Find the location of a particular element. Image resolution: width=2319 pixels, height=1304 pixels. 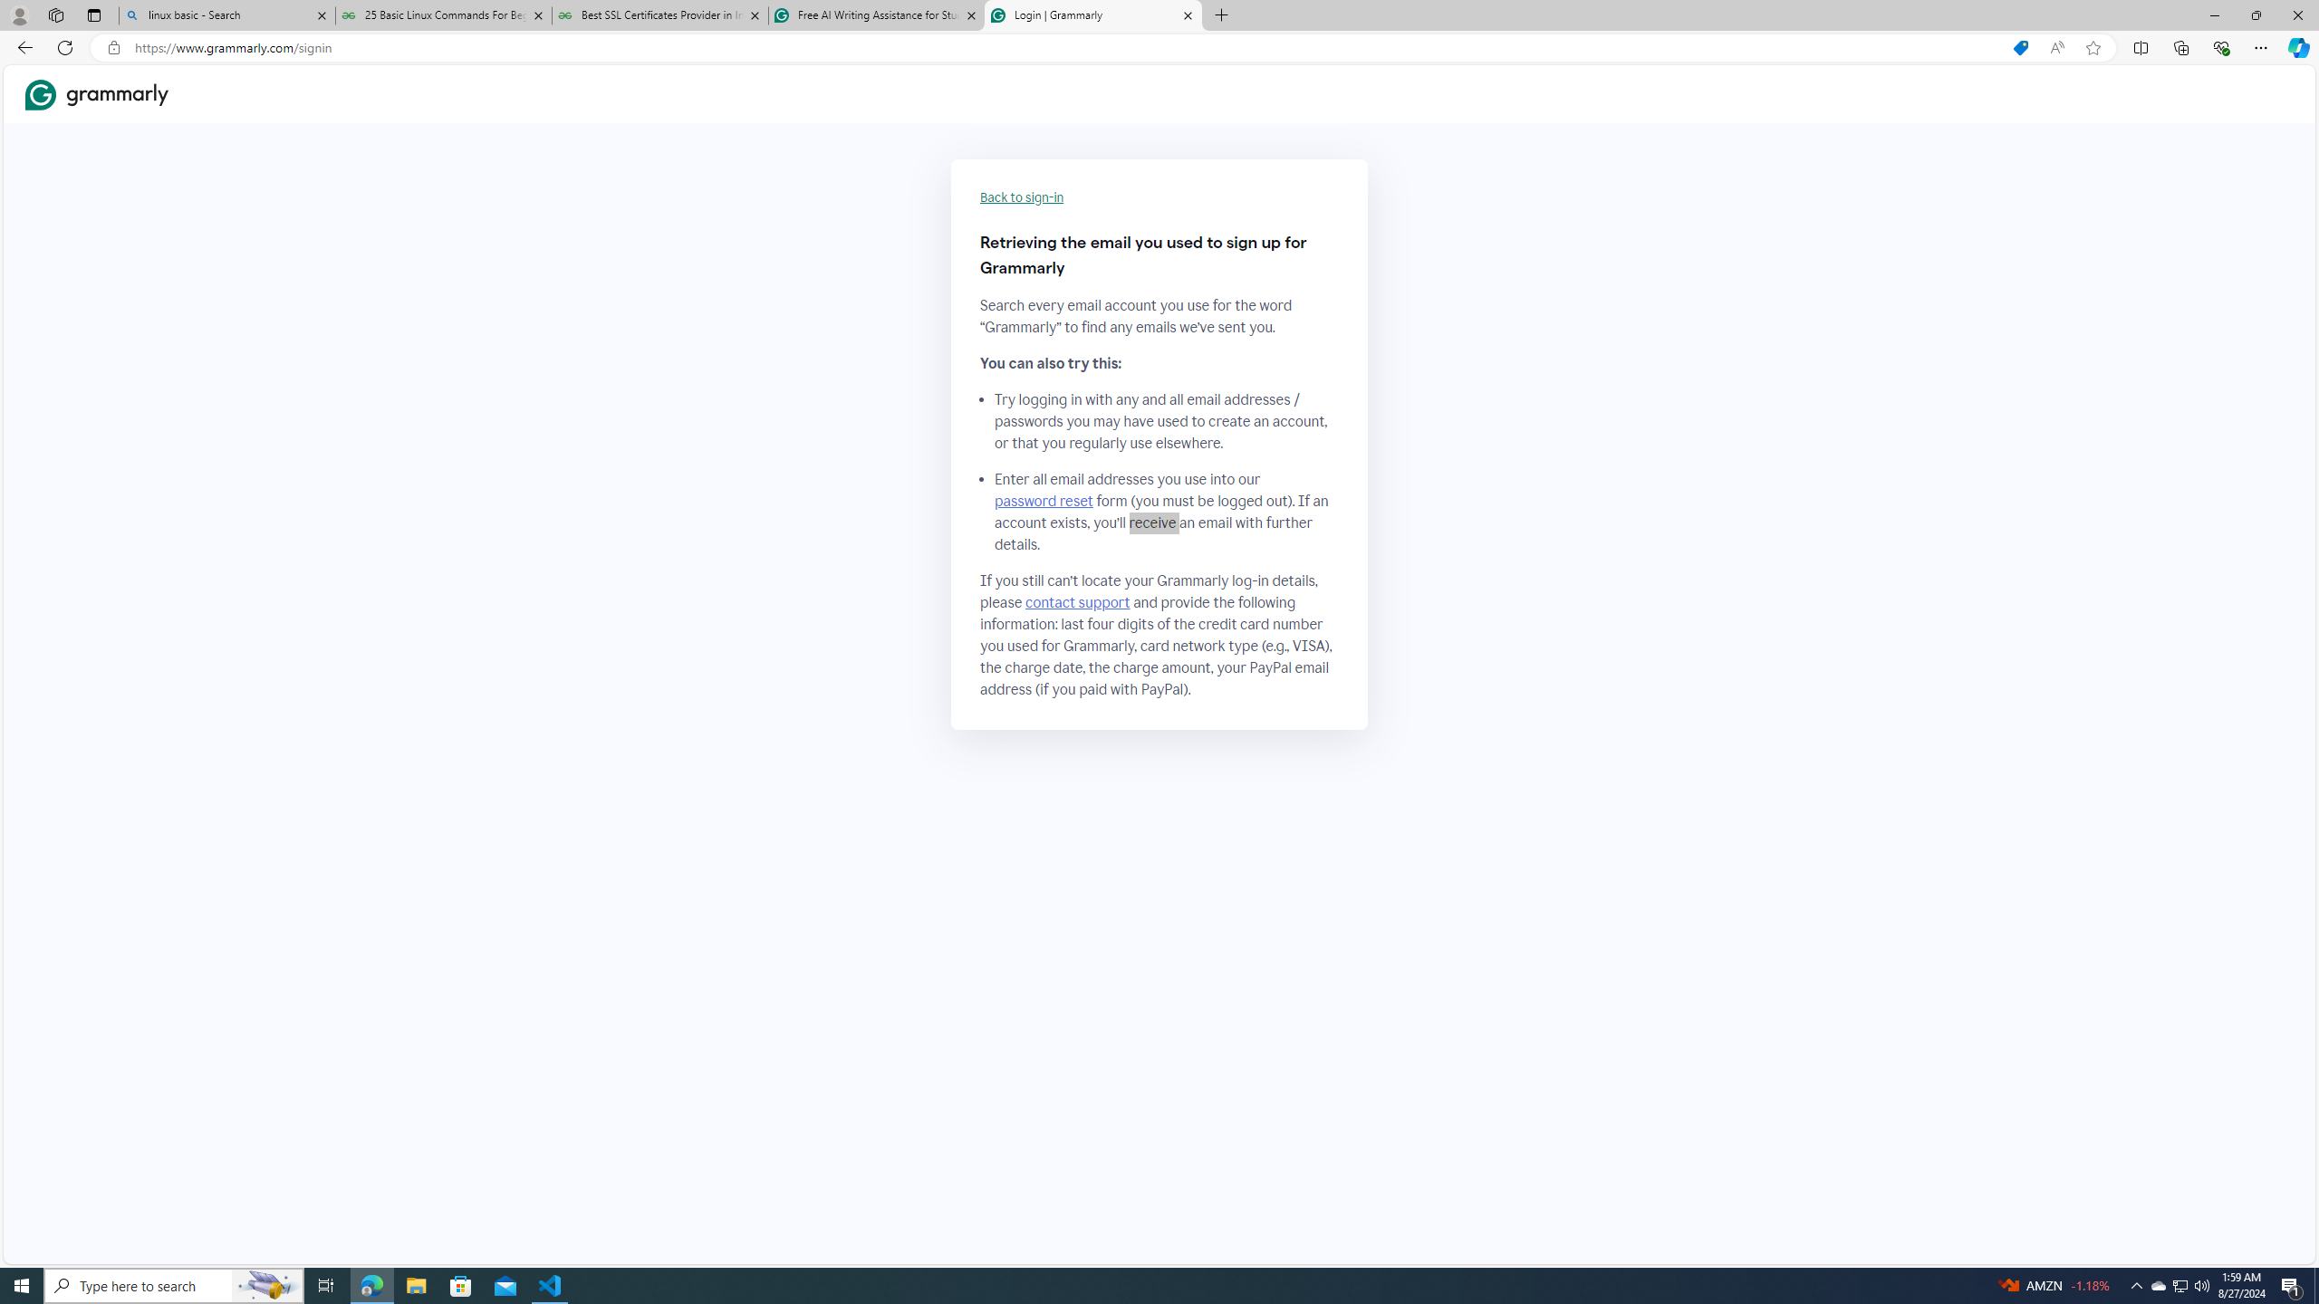

'Best SSL Certificates Provider in India - GeeksforGeeks' is located at coordinates (660, 14).